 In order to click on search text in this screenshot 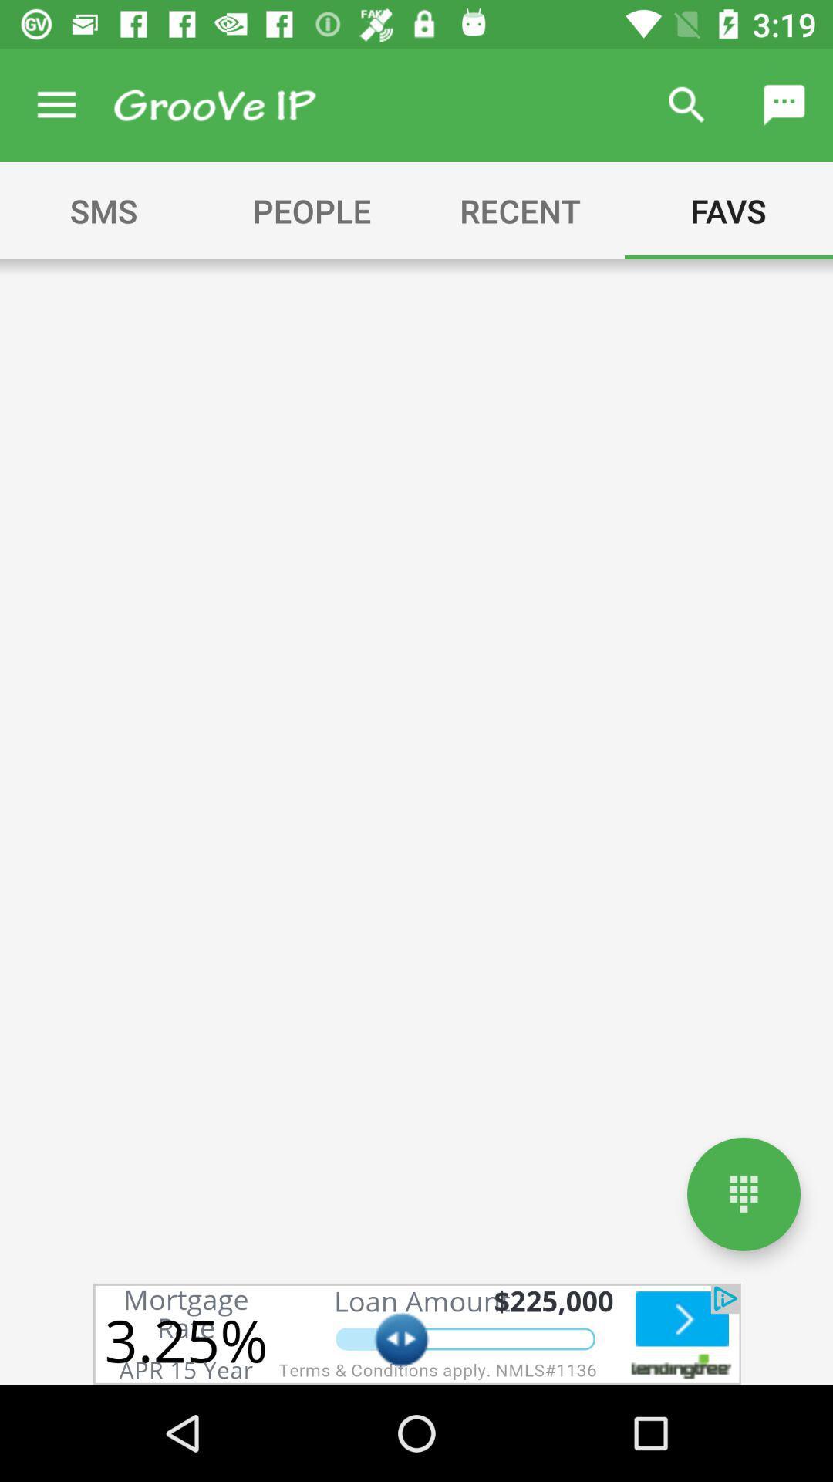, I will do `click(214, 104)`.